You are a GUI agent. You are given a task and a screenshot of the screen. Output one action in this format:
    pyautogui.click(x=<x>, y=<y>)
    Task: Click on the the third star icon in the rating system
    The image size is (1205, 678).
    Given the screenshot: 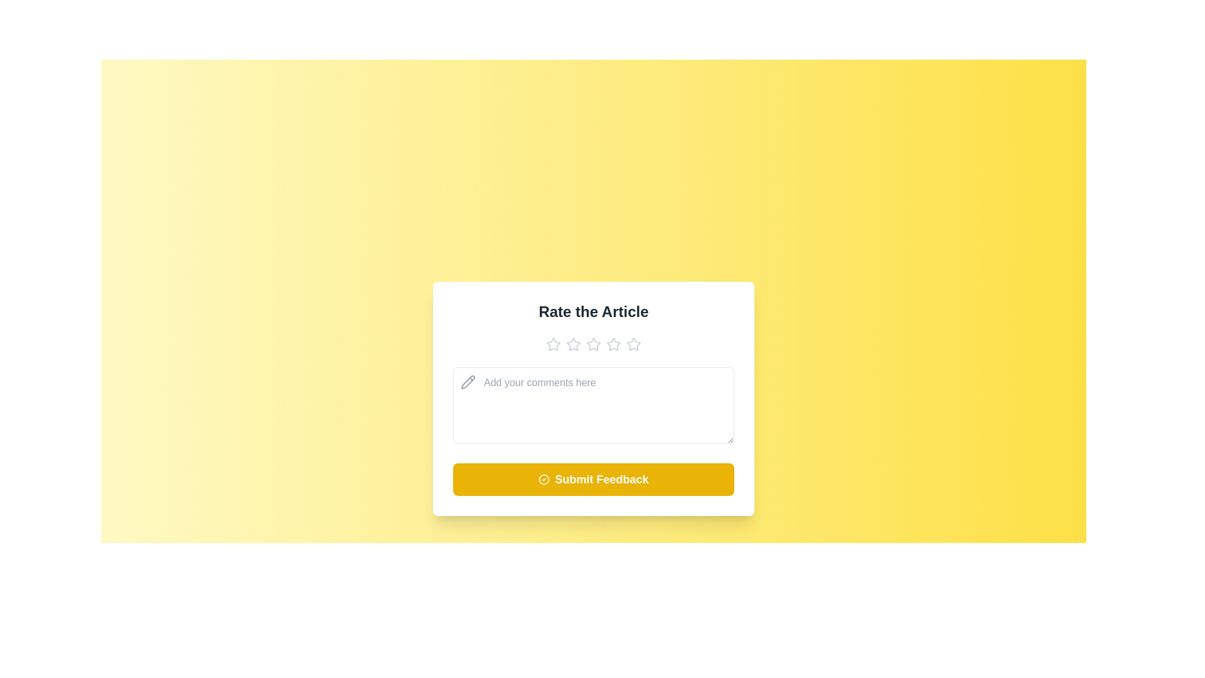 What is the action you would take?
    pyautogui.click(x=614, y=343)
    